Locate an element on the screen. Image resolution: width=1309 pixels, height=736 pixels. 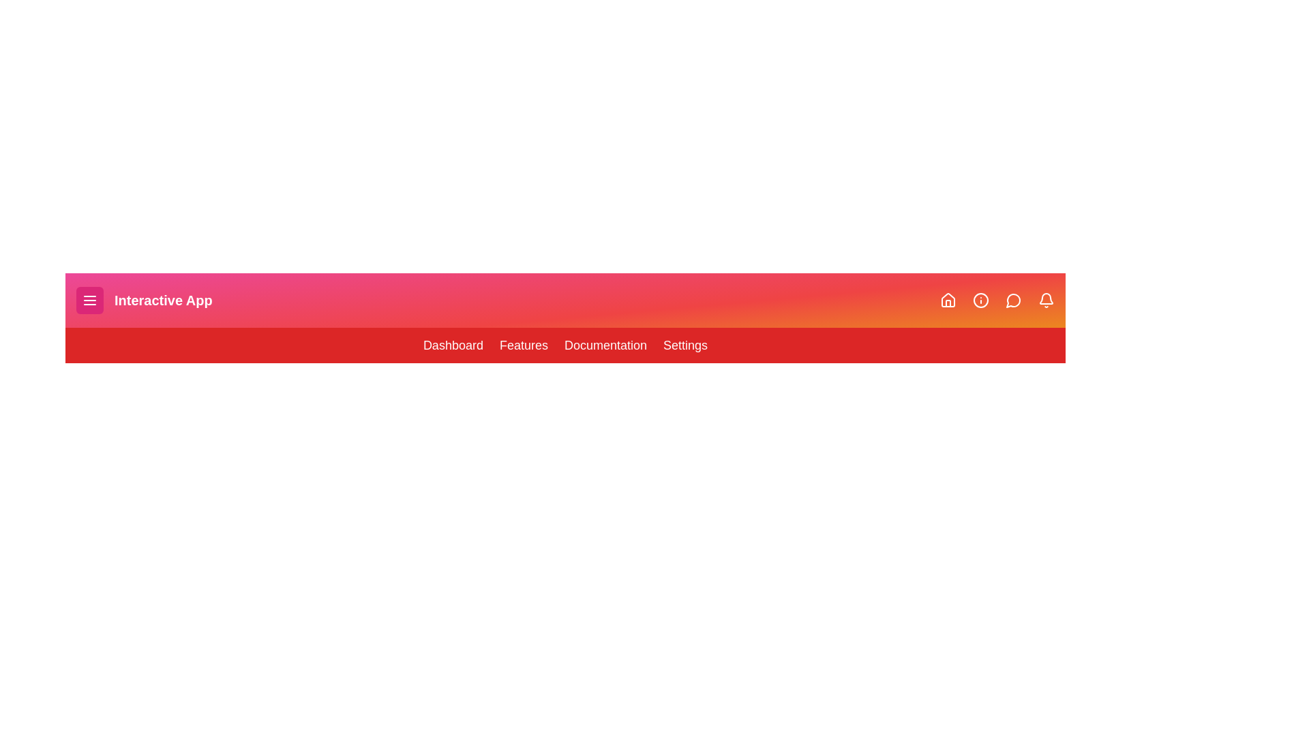
the Home icon in the navigation bar is located at coordinates (948, 299).